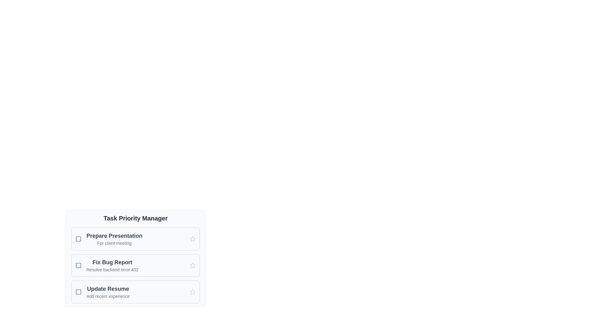 This screenshot has width=593, height=333. I want to click on the star-shaped icon outlined with thin gray lines located at the far-right side of the task item for 'Prepare Presentation', so click(192, 239).